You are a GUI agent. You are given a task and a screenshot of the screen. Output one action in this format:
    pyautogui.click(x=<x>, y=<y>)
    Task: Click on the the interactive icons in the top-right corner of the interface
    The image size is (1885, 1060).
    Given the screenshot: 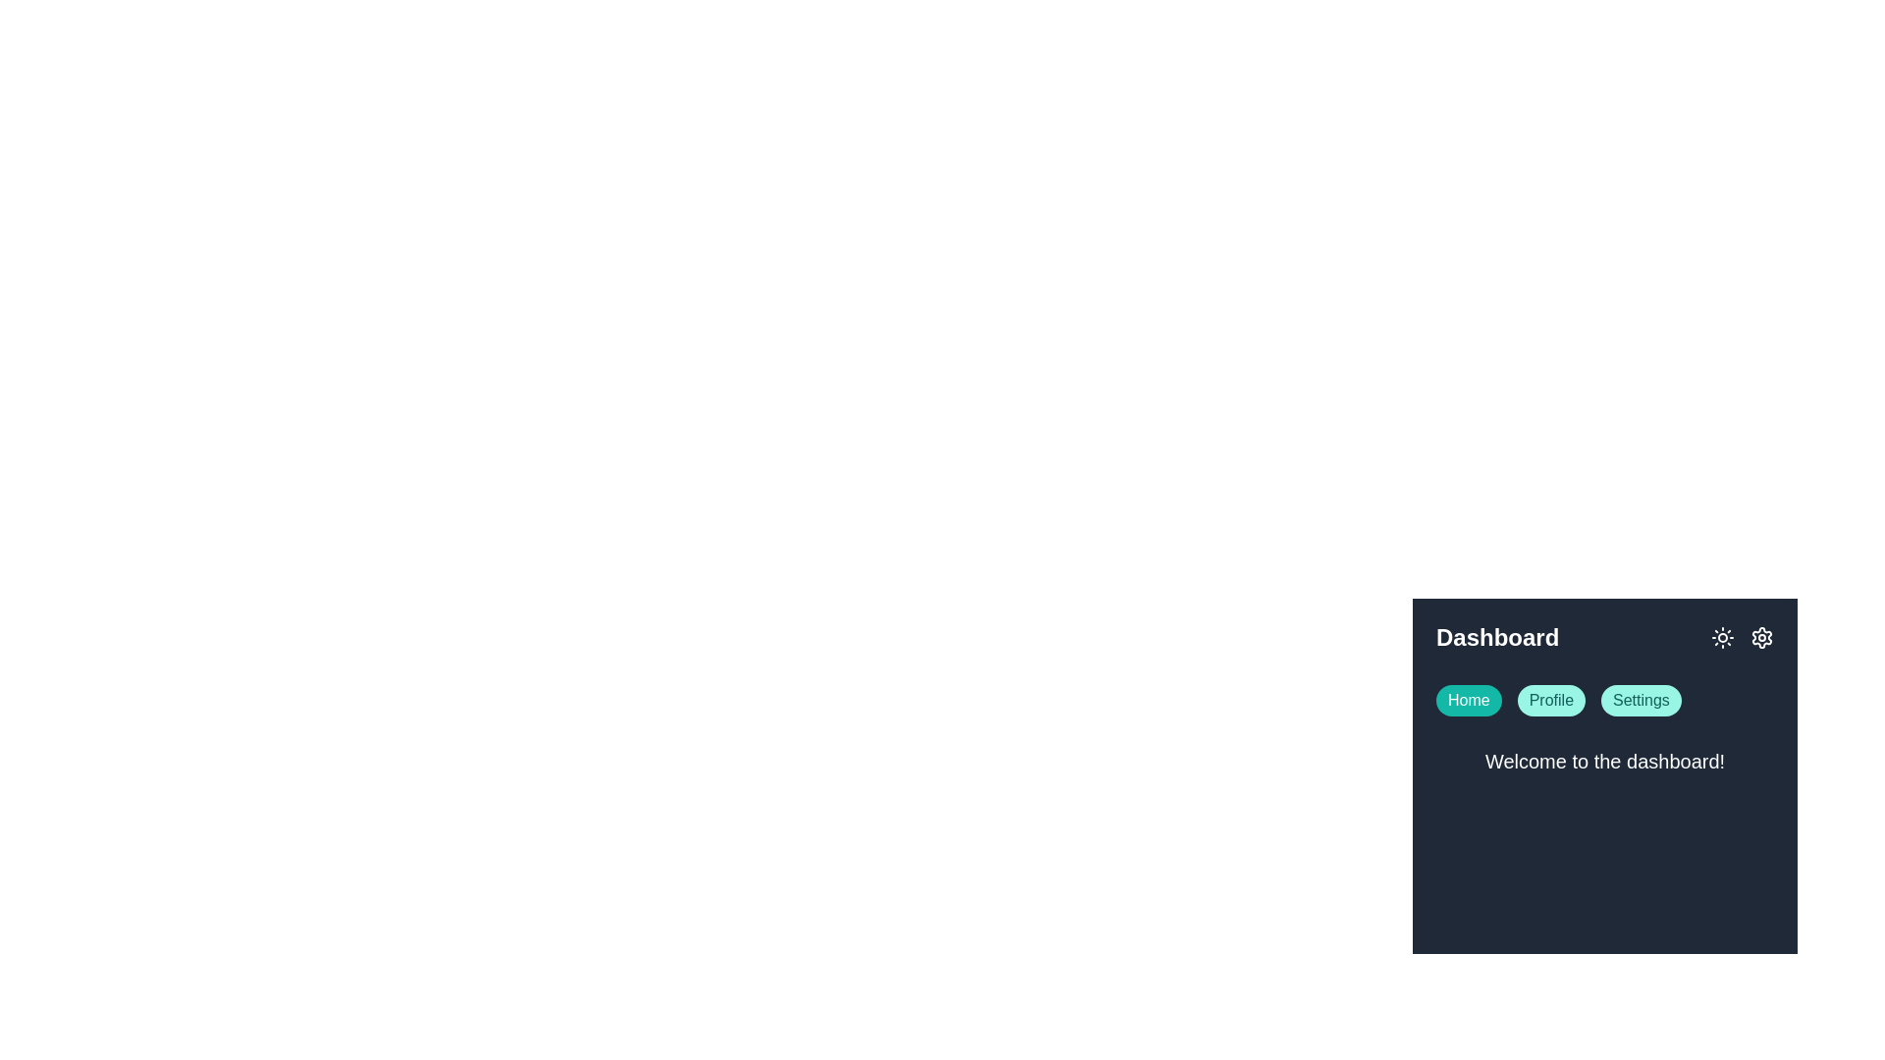 What is the action you would take?
    pyautogui.click(x=1743, y=638)
    